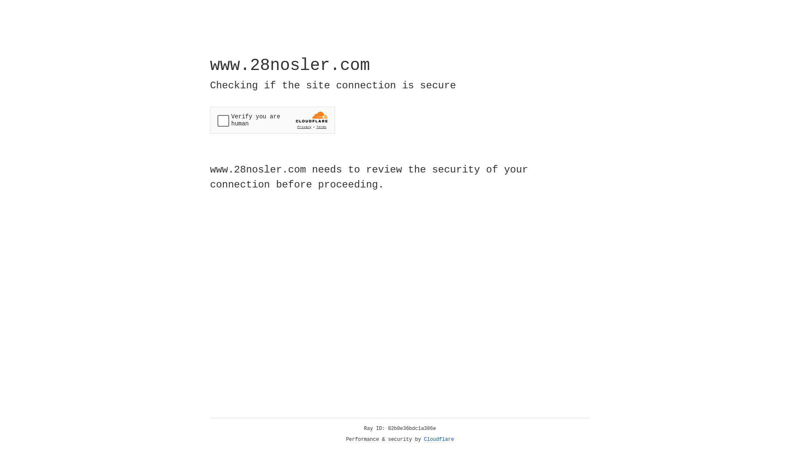  What do you see at coordinates (439, 439) in the screenshot?
I see `'Cloudflare'` at bounding box center [439, 439].